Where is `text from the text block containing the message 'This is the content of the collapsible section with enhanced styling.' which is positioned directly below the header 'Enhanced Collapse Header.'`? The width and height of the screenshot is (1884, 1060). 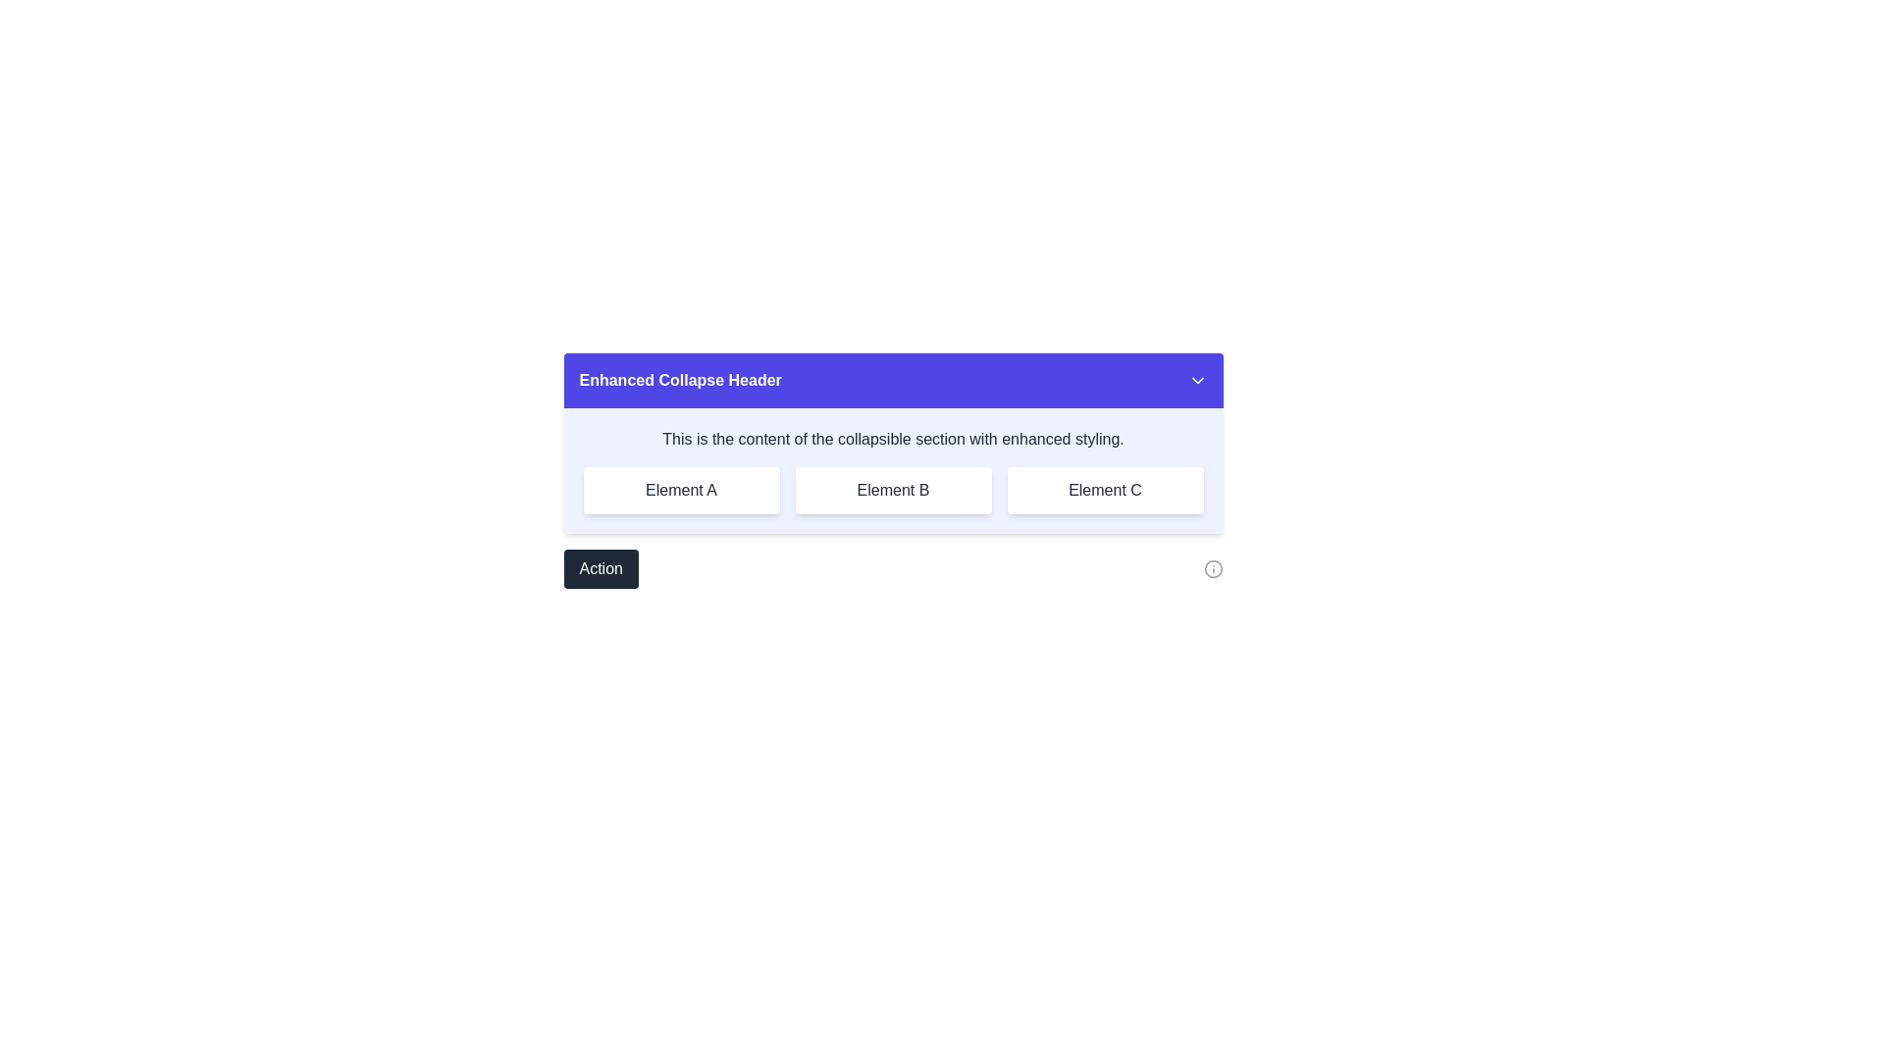 text from the text block containing the message 'This is the content of the collapsible section with enhanced styling.' which is positioned directly below the header 'Enhanced Collapse Header.' is located at coordinates (892, 438).